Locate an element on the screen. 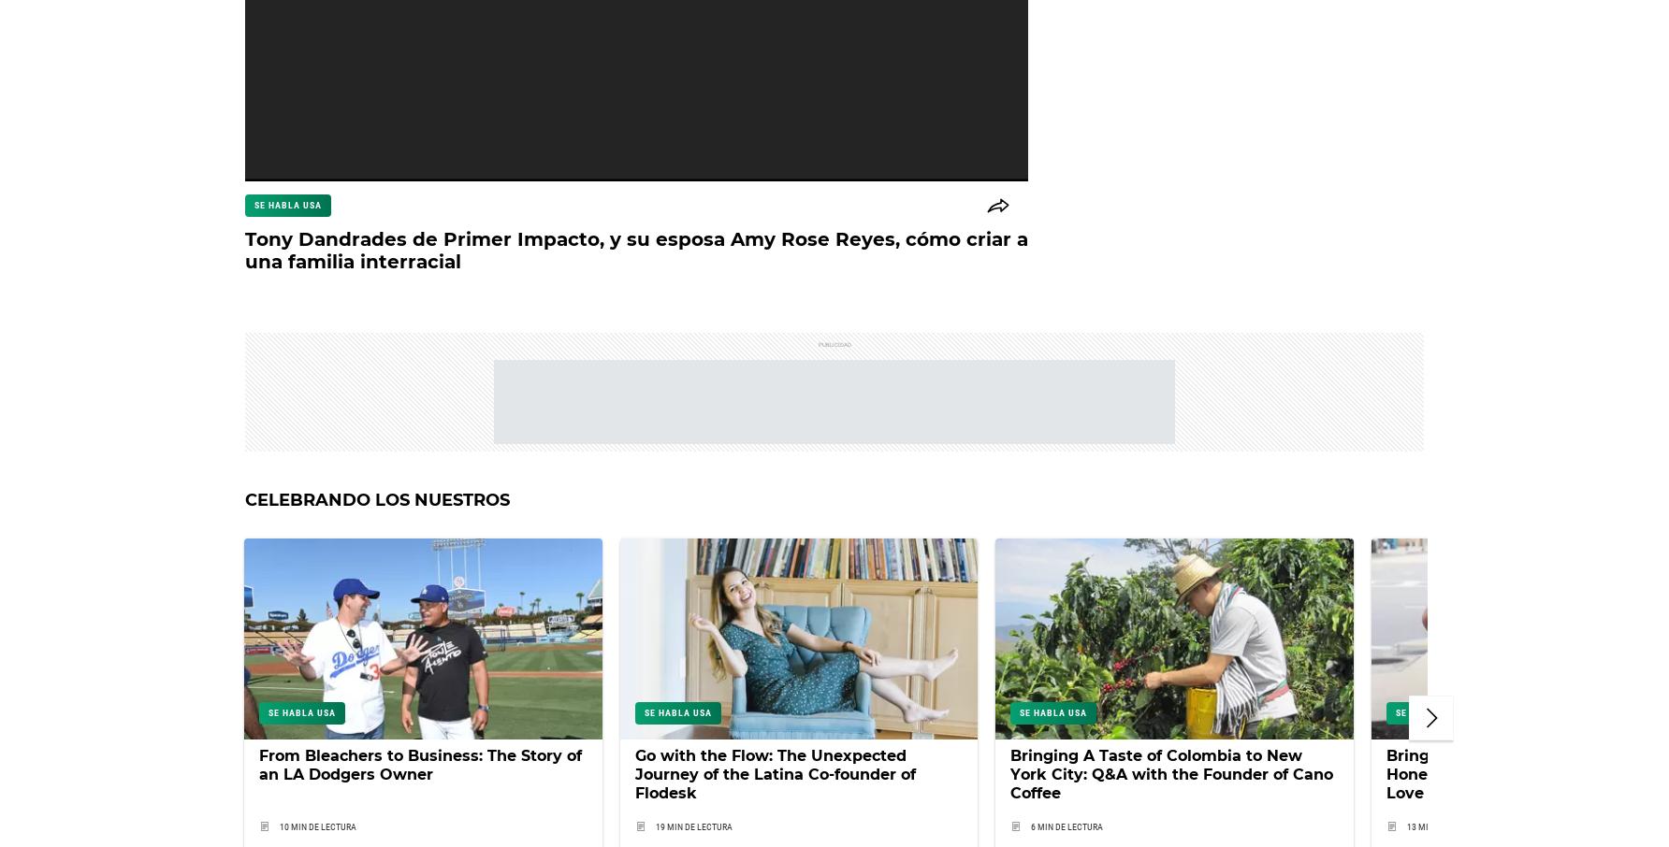 The image size is (1669, 847). 'Tony Dandrades de Primer Impacto, y su esposa Amy Rose Reyes, cómo criar a una familia interracial' is located at coordinates (636, 249).